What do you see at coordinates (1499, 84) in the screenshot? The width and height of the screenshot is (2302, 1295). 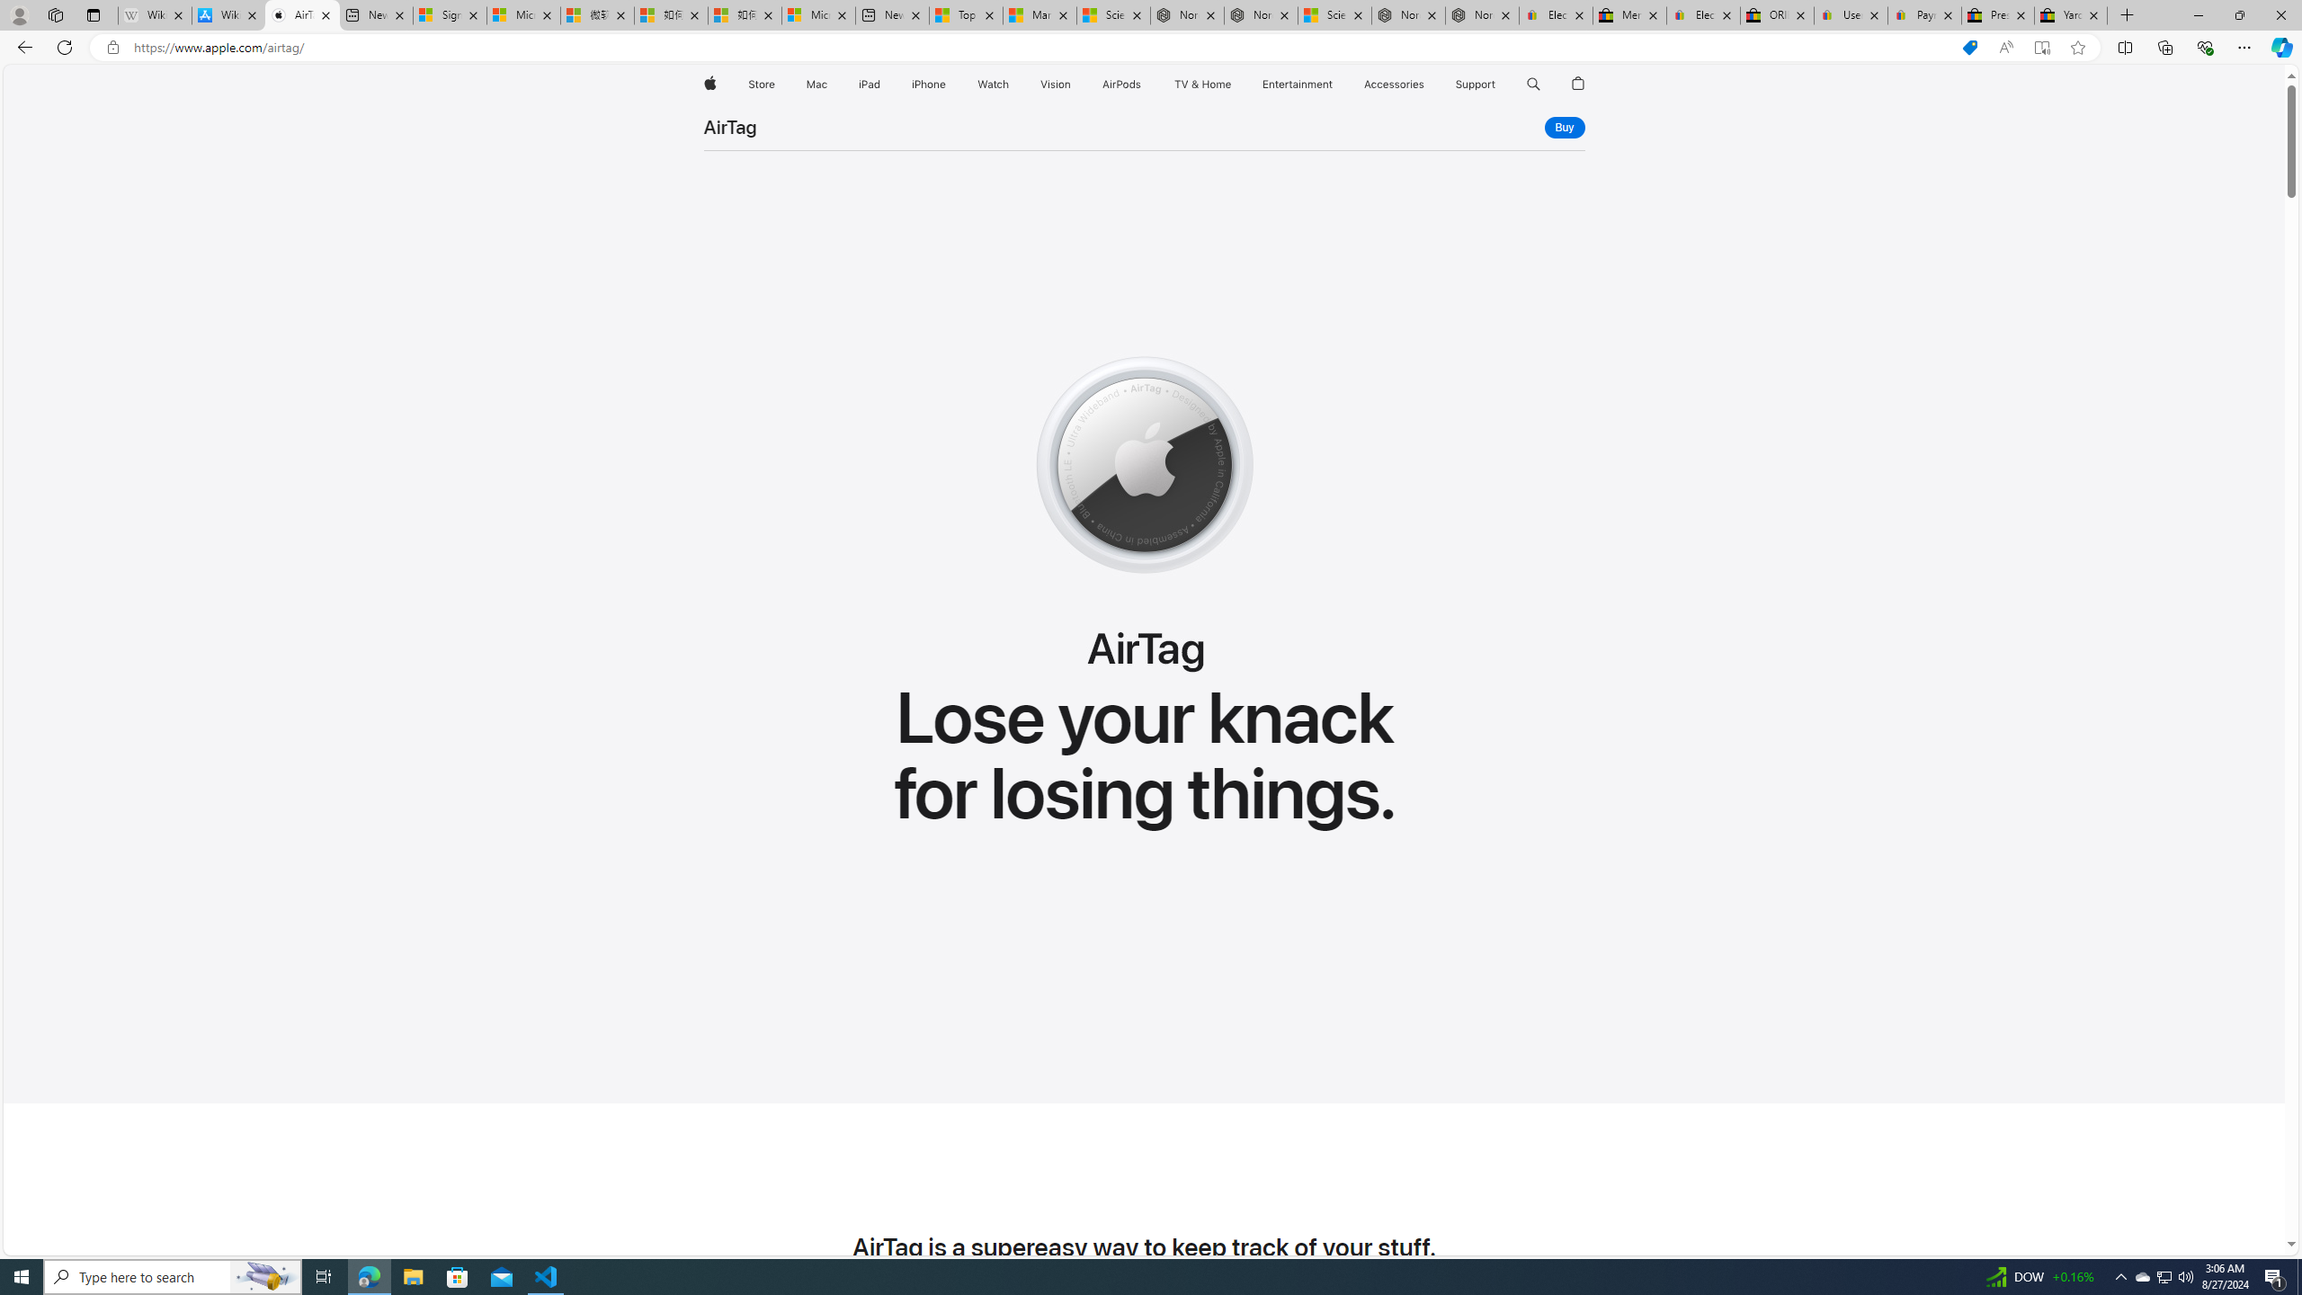 I see `'Class: globalnav-submenu-trigger-item'` at bounding box center [1499, 84].